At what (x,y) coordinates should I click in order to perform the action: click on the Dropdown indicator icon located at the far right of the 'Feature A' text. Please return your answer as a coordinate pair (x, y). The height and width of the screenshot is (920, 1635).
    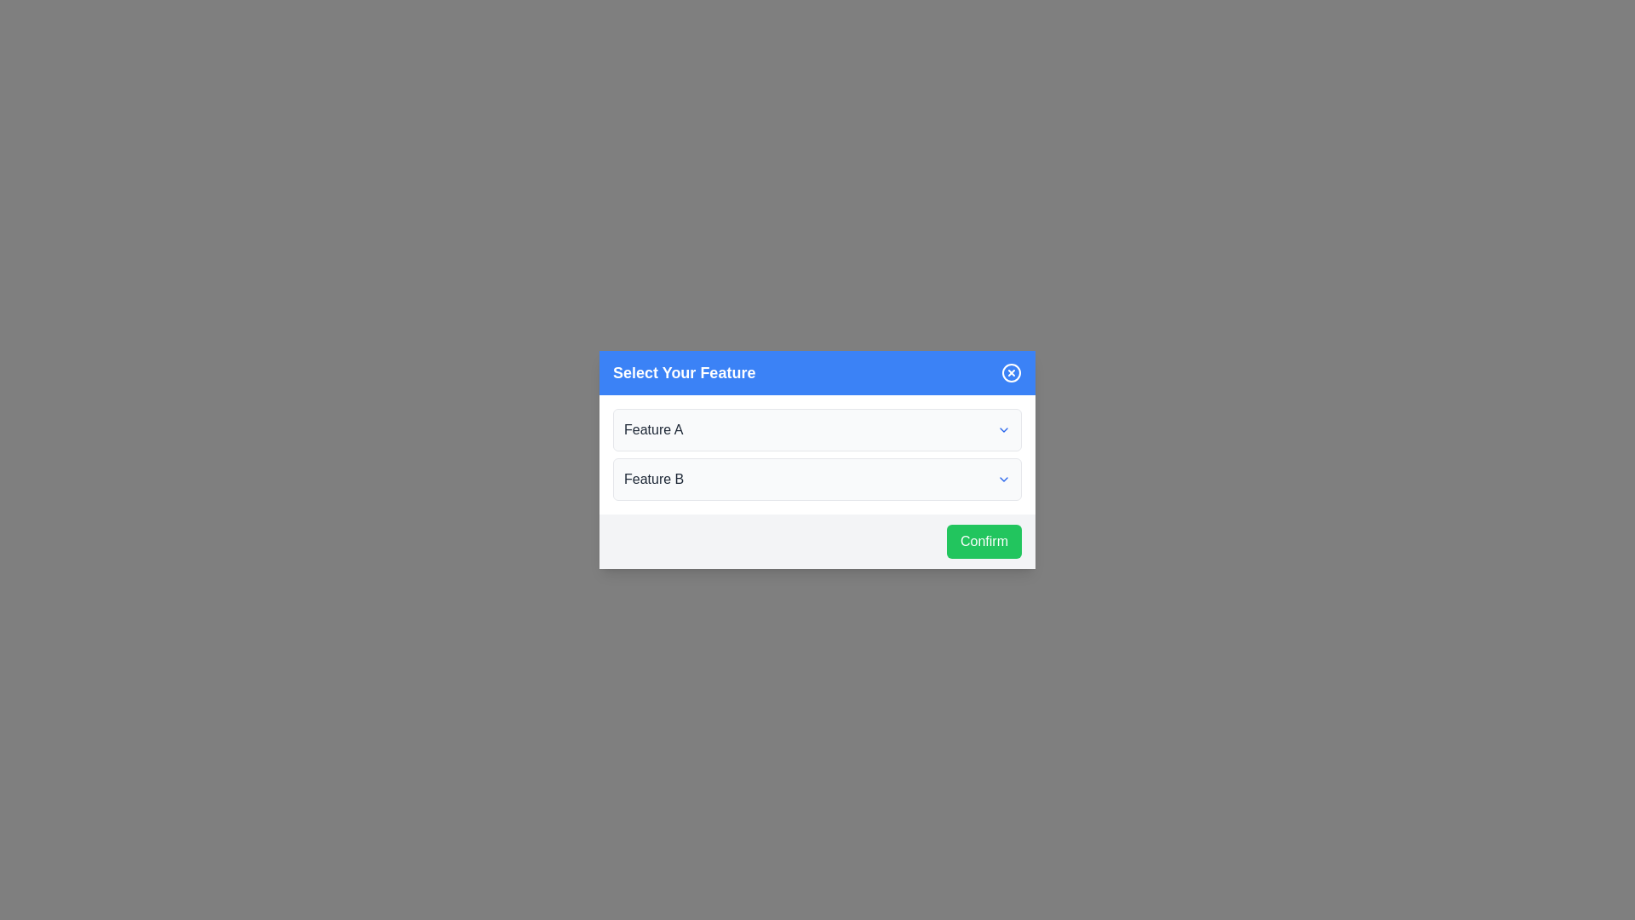
    Looking at the image, I should click on (1004, 429).